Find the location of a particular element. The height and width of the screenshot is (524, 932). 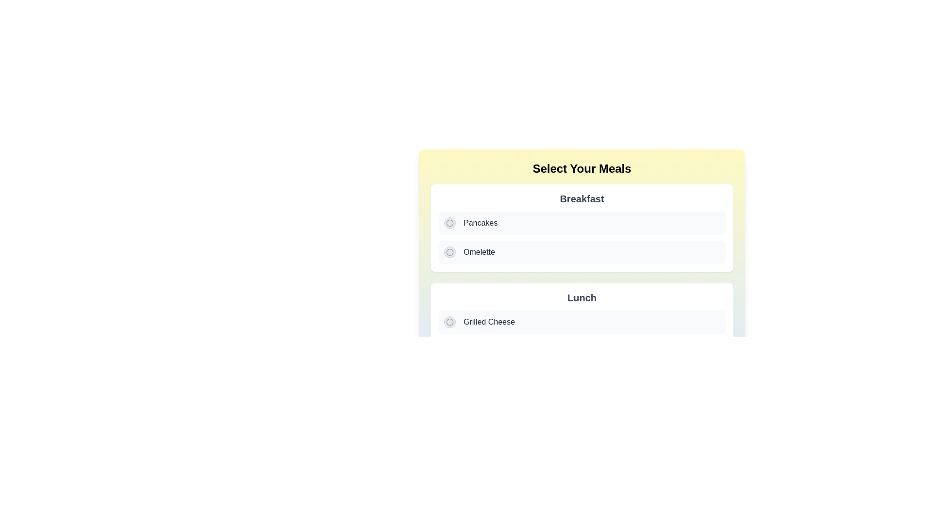

the radio button labeled 'Grilled Cheese' is located at coordinates (582, 336).